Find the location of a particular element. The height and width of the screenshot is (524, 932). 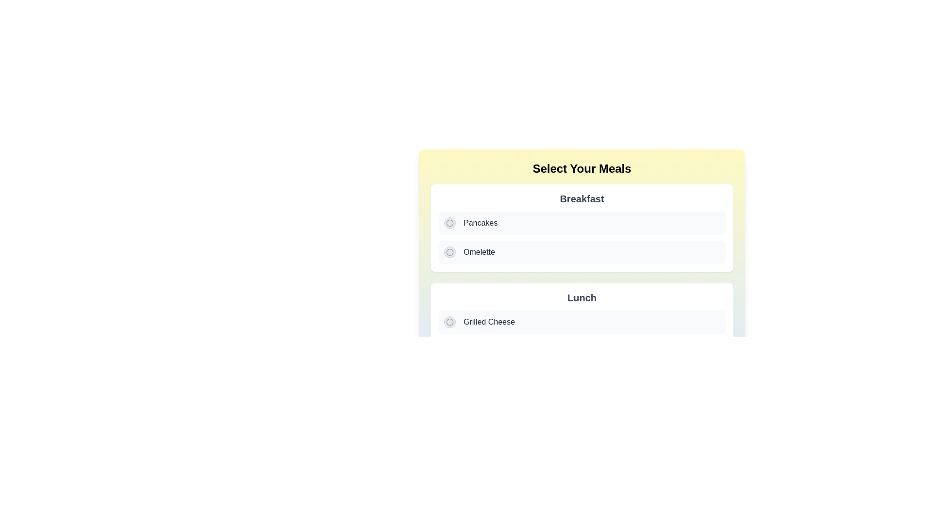

the radio button labeled 'Grilled Cheese' is located at coordinates (582, 336).